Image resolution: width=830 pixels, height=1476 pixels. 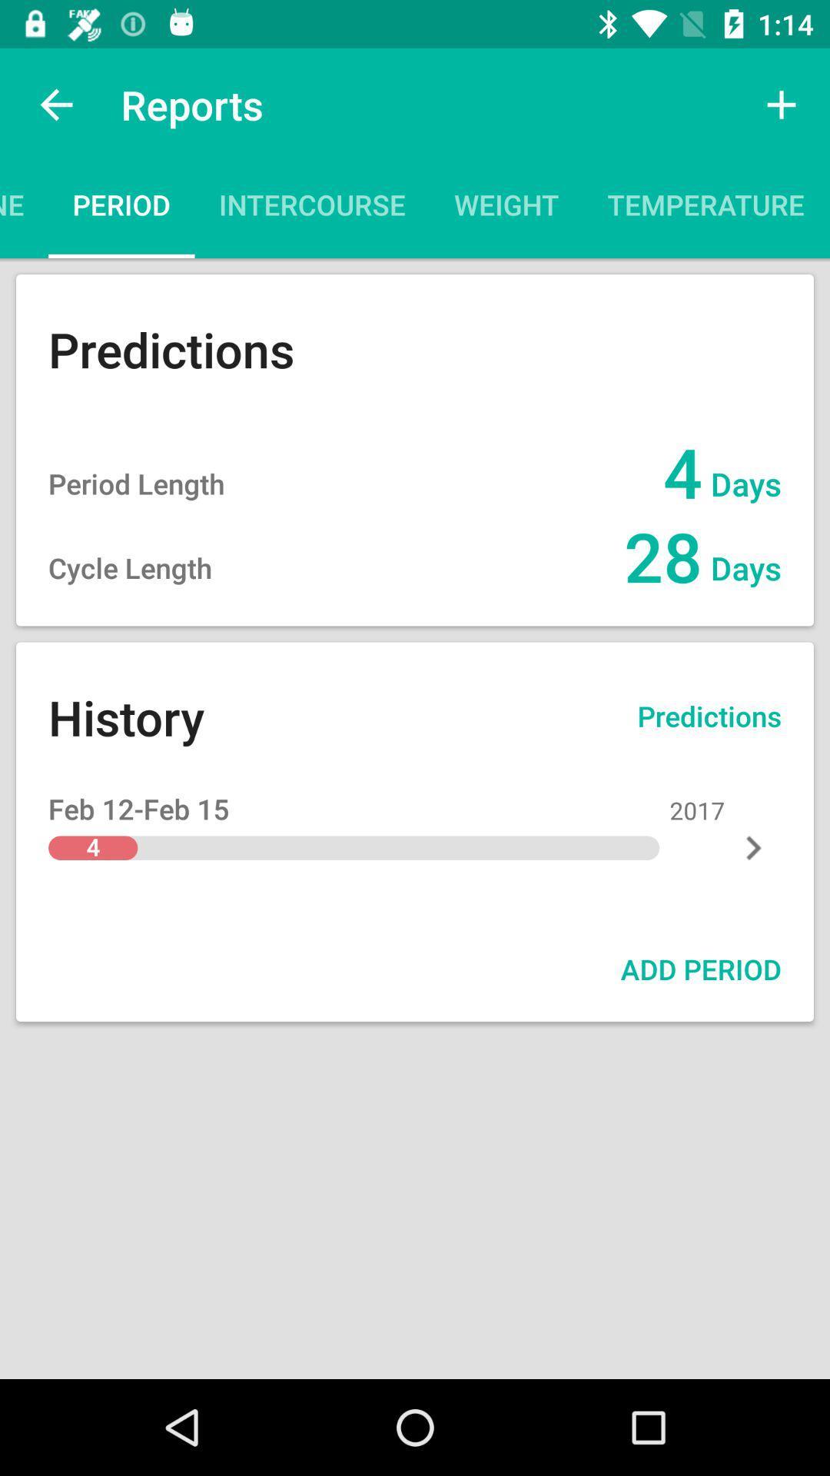 What do you see at coordinates (782, 104) in the screenshot?
I see `icon next to symptoms` at bounding box center [782, 104].